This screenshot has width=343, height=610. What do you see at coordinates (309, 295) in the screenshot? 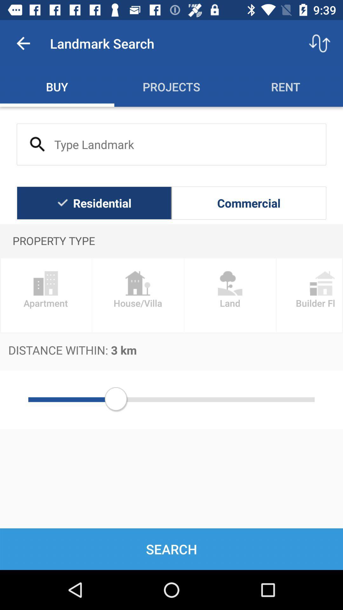
I see `the item below property type` at bounding box center [309, 295].